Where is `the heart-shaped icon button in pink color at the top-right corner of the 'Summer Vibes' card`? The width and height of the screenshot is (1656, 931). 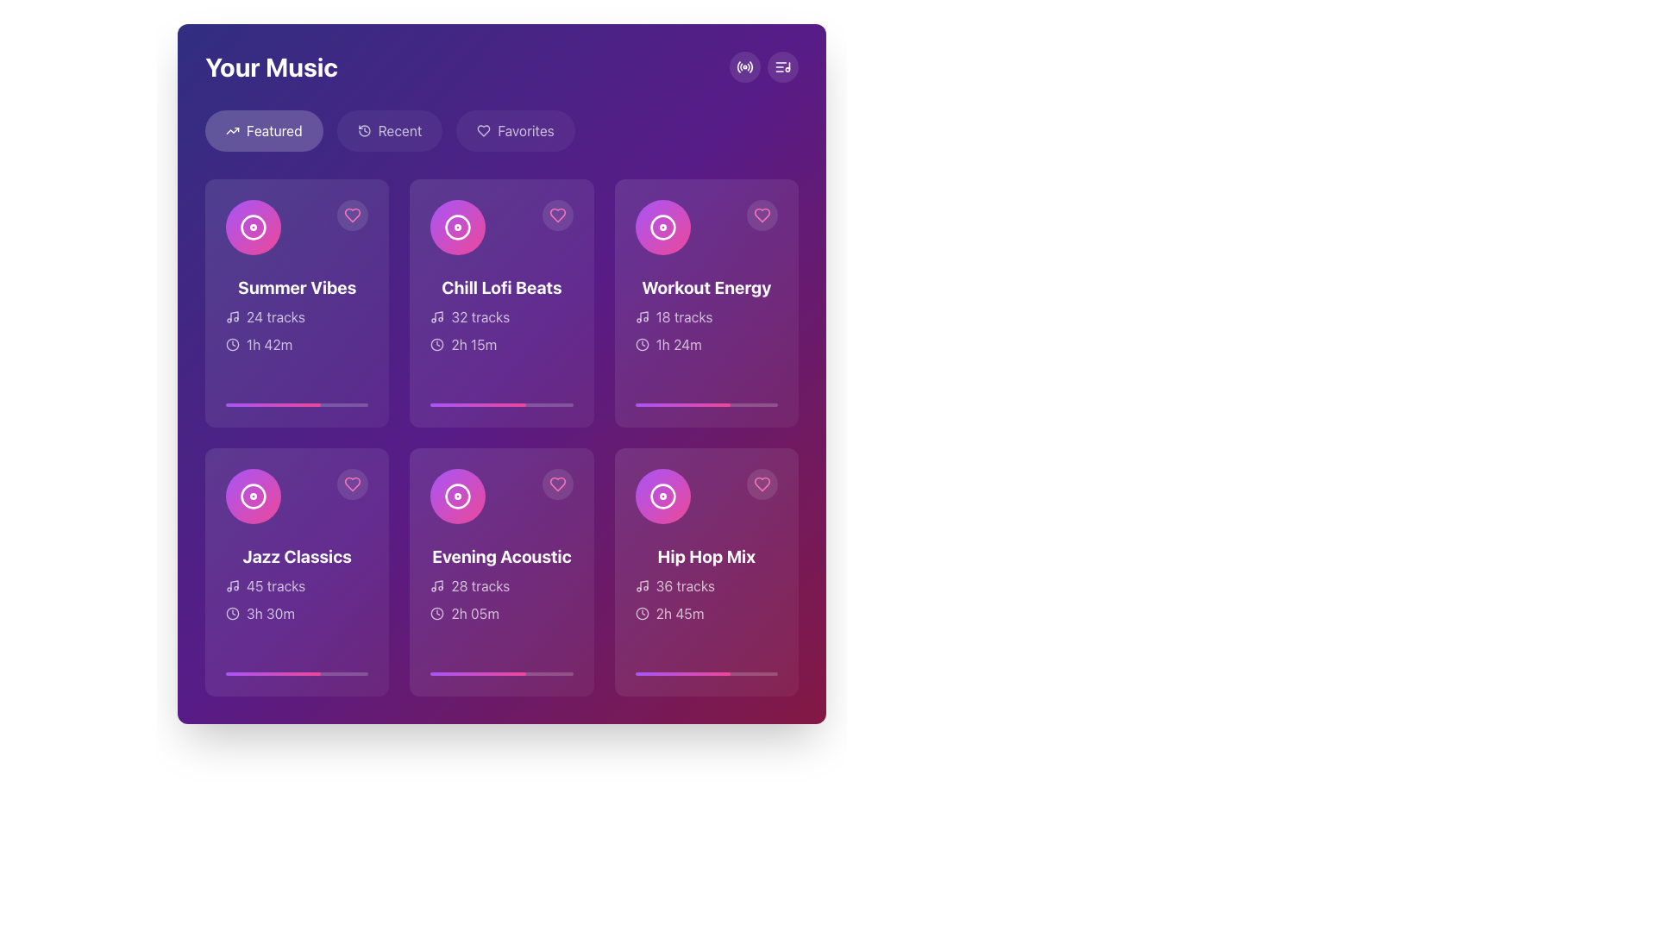
the heart-shaped icon button in pink color at the top-right corner of the 'Summer Vibes' card is located at coordinates (352, 215).